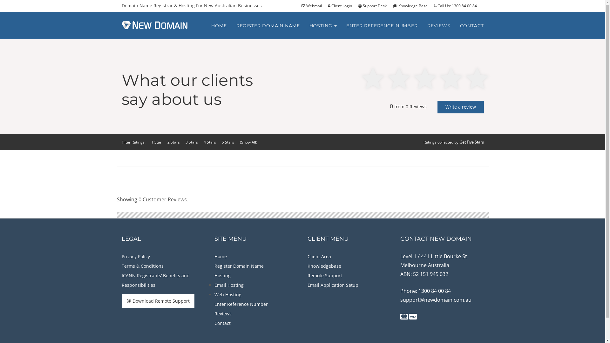  What do you see at coordinates (222, 323) in the screenshot?
I see `'Contact'` at bounding box center [222, 323].